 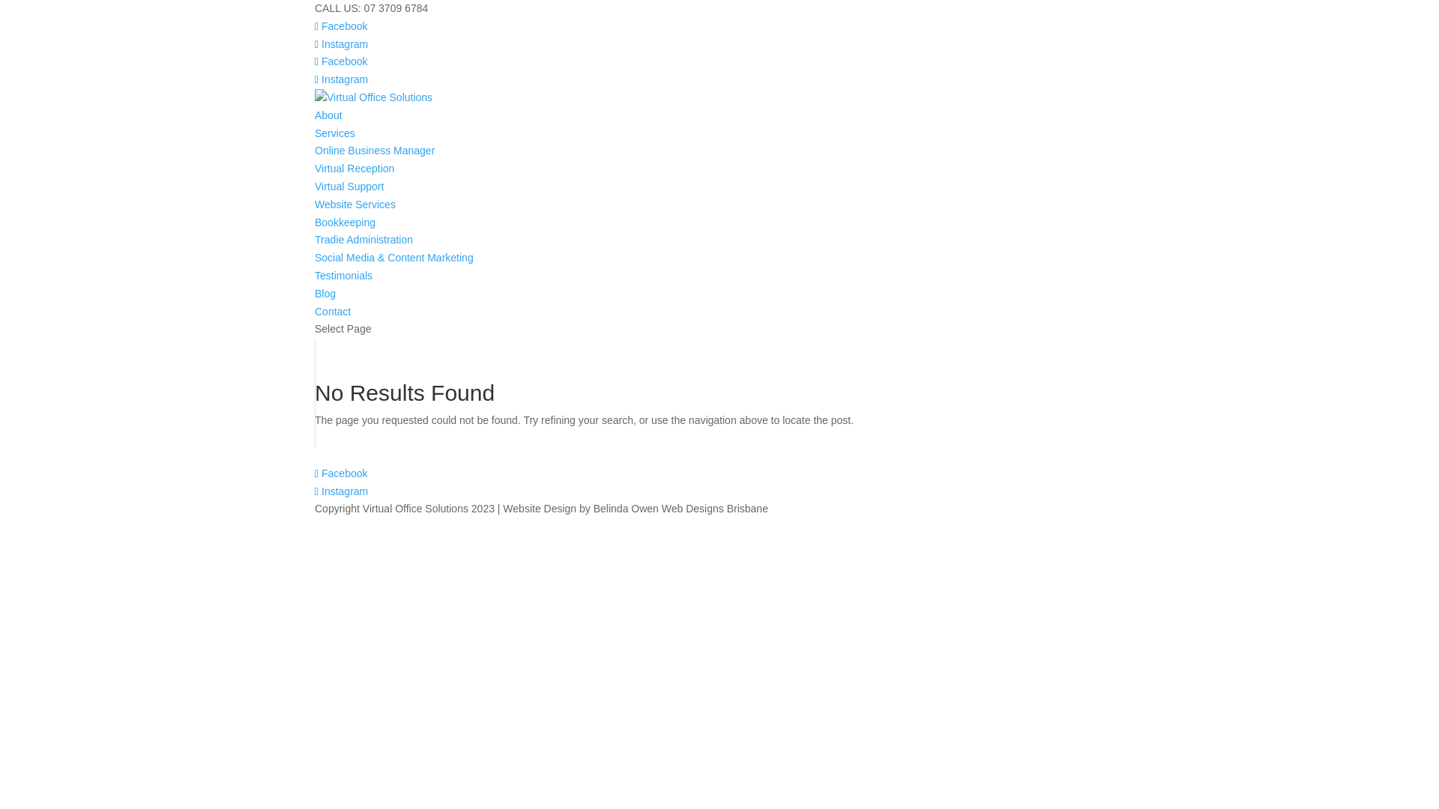 What do you see at coordinates (394, 256) in the screenshot?
I see `'Social Media & Content Marketing'` at bounding box center [394, 256].